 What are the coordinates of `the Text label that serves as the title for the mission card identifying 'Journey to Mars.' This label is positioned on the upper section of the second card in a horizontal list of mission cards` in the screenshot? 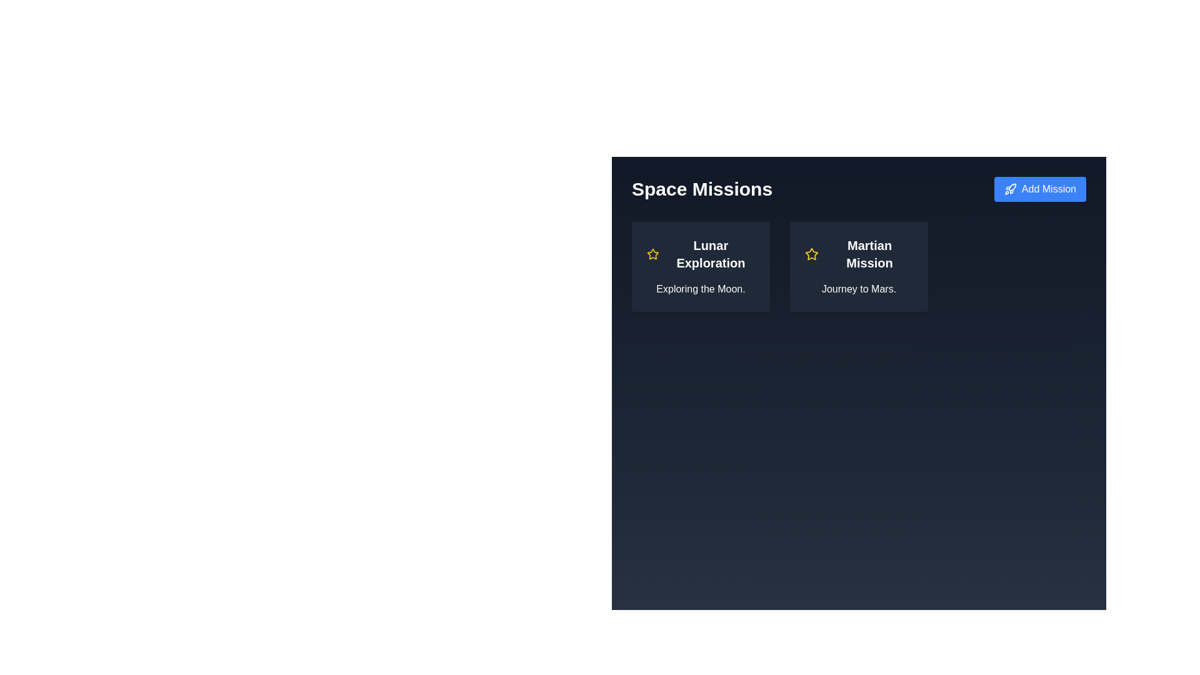 It's located at (858, 254).